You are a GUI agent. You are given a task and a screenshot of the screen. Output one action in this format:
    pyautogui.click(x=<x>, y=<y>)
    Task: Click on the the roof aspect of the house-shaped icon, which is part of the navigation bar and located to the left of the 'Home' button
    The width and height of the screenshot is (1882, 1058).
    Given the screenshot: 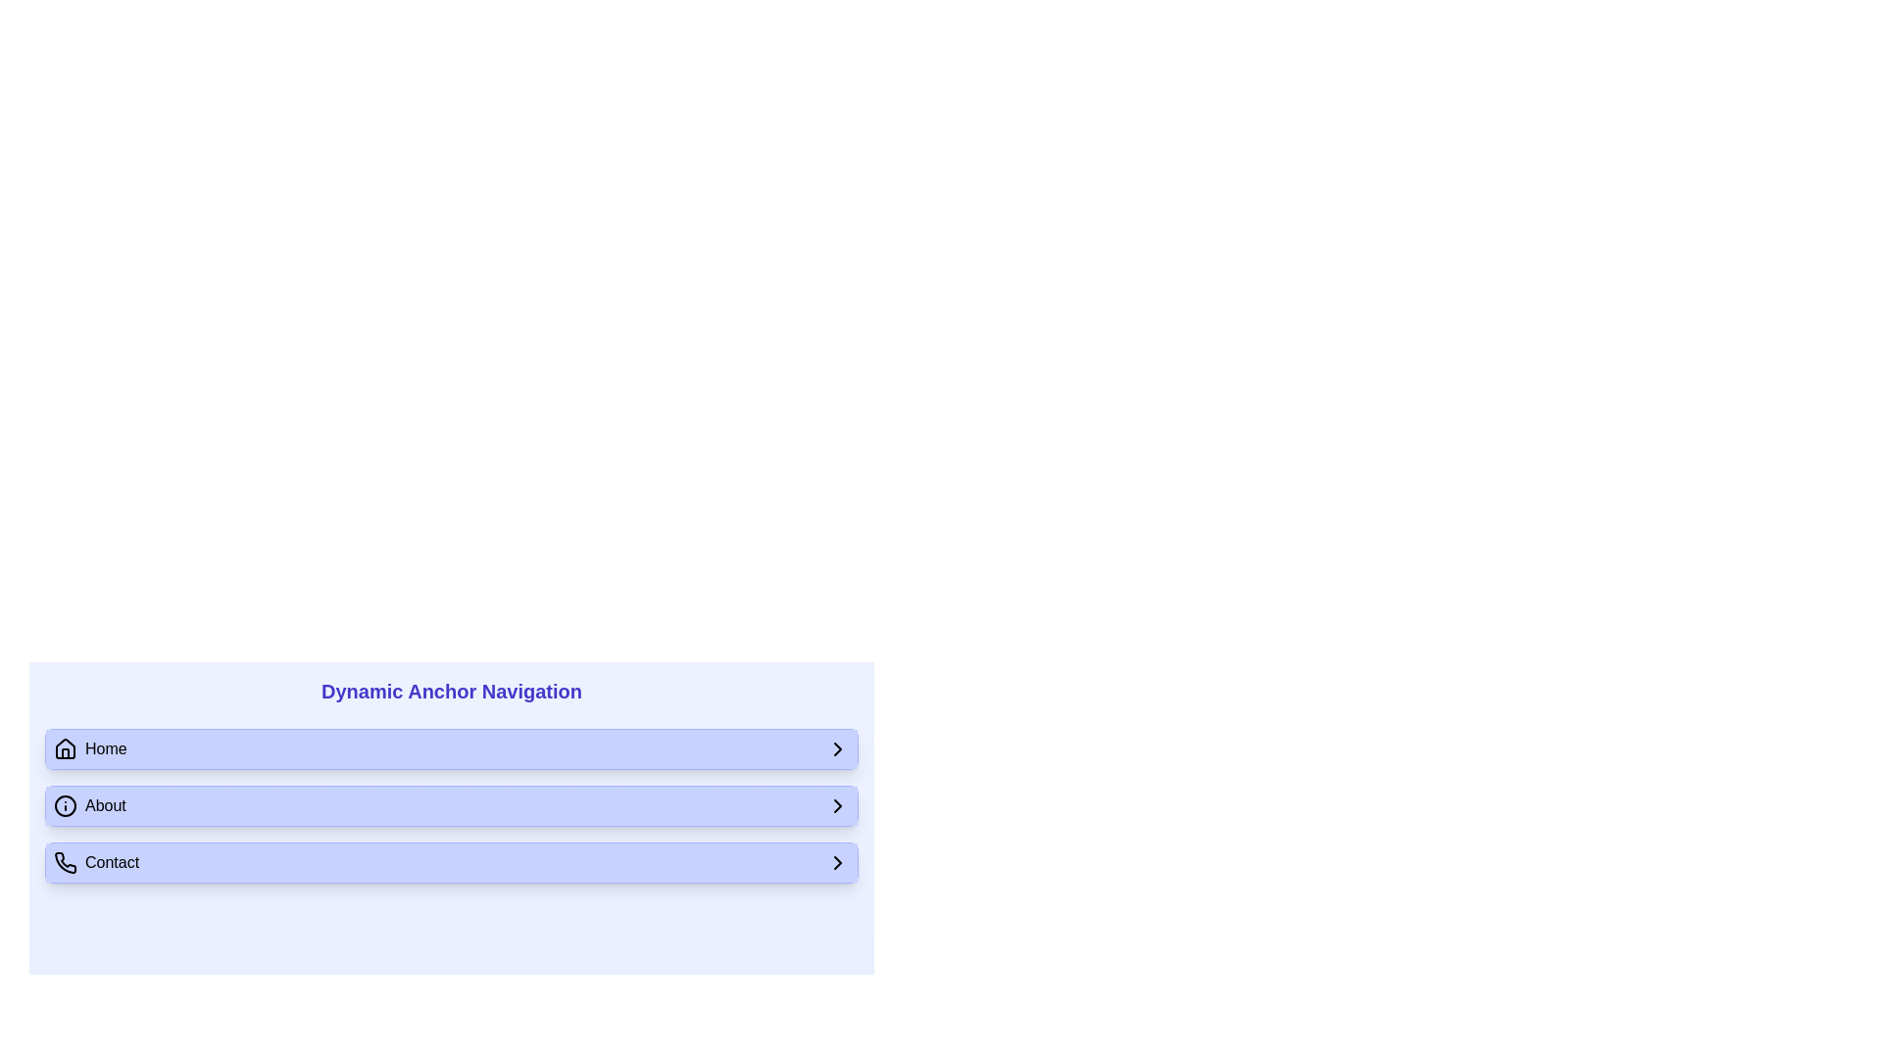 What is the action you would take?
    pyautogui.click(x=66, y=747)
    